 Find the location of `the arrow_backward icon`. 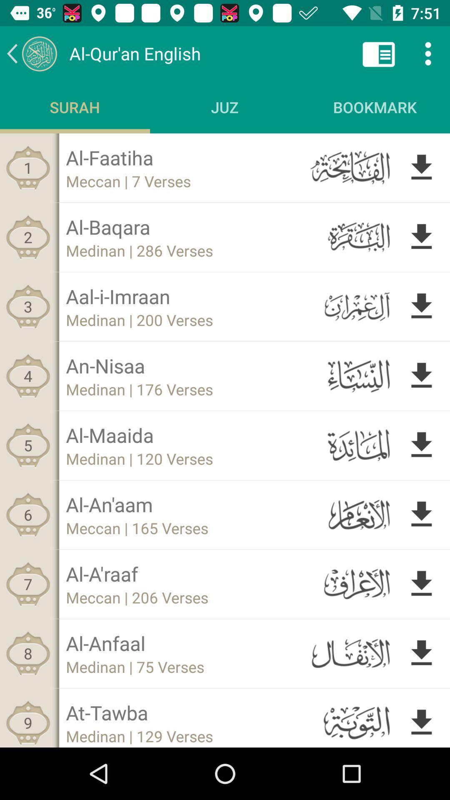

the arrow_backward icon is located at coordinates (31, 53).